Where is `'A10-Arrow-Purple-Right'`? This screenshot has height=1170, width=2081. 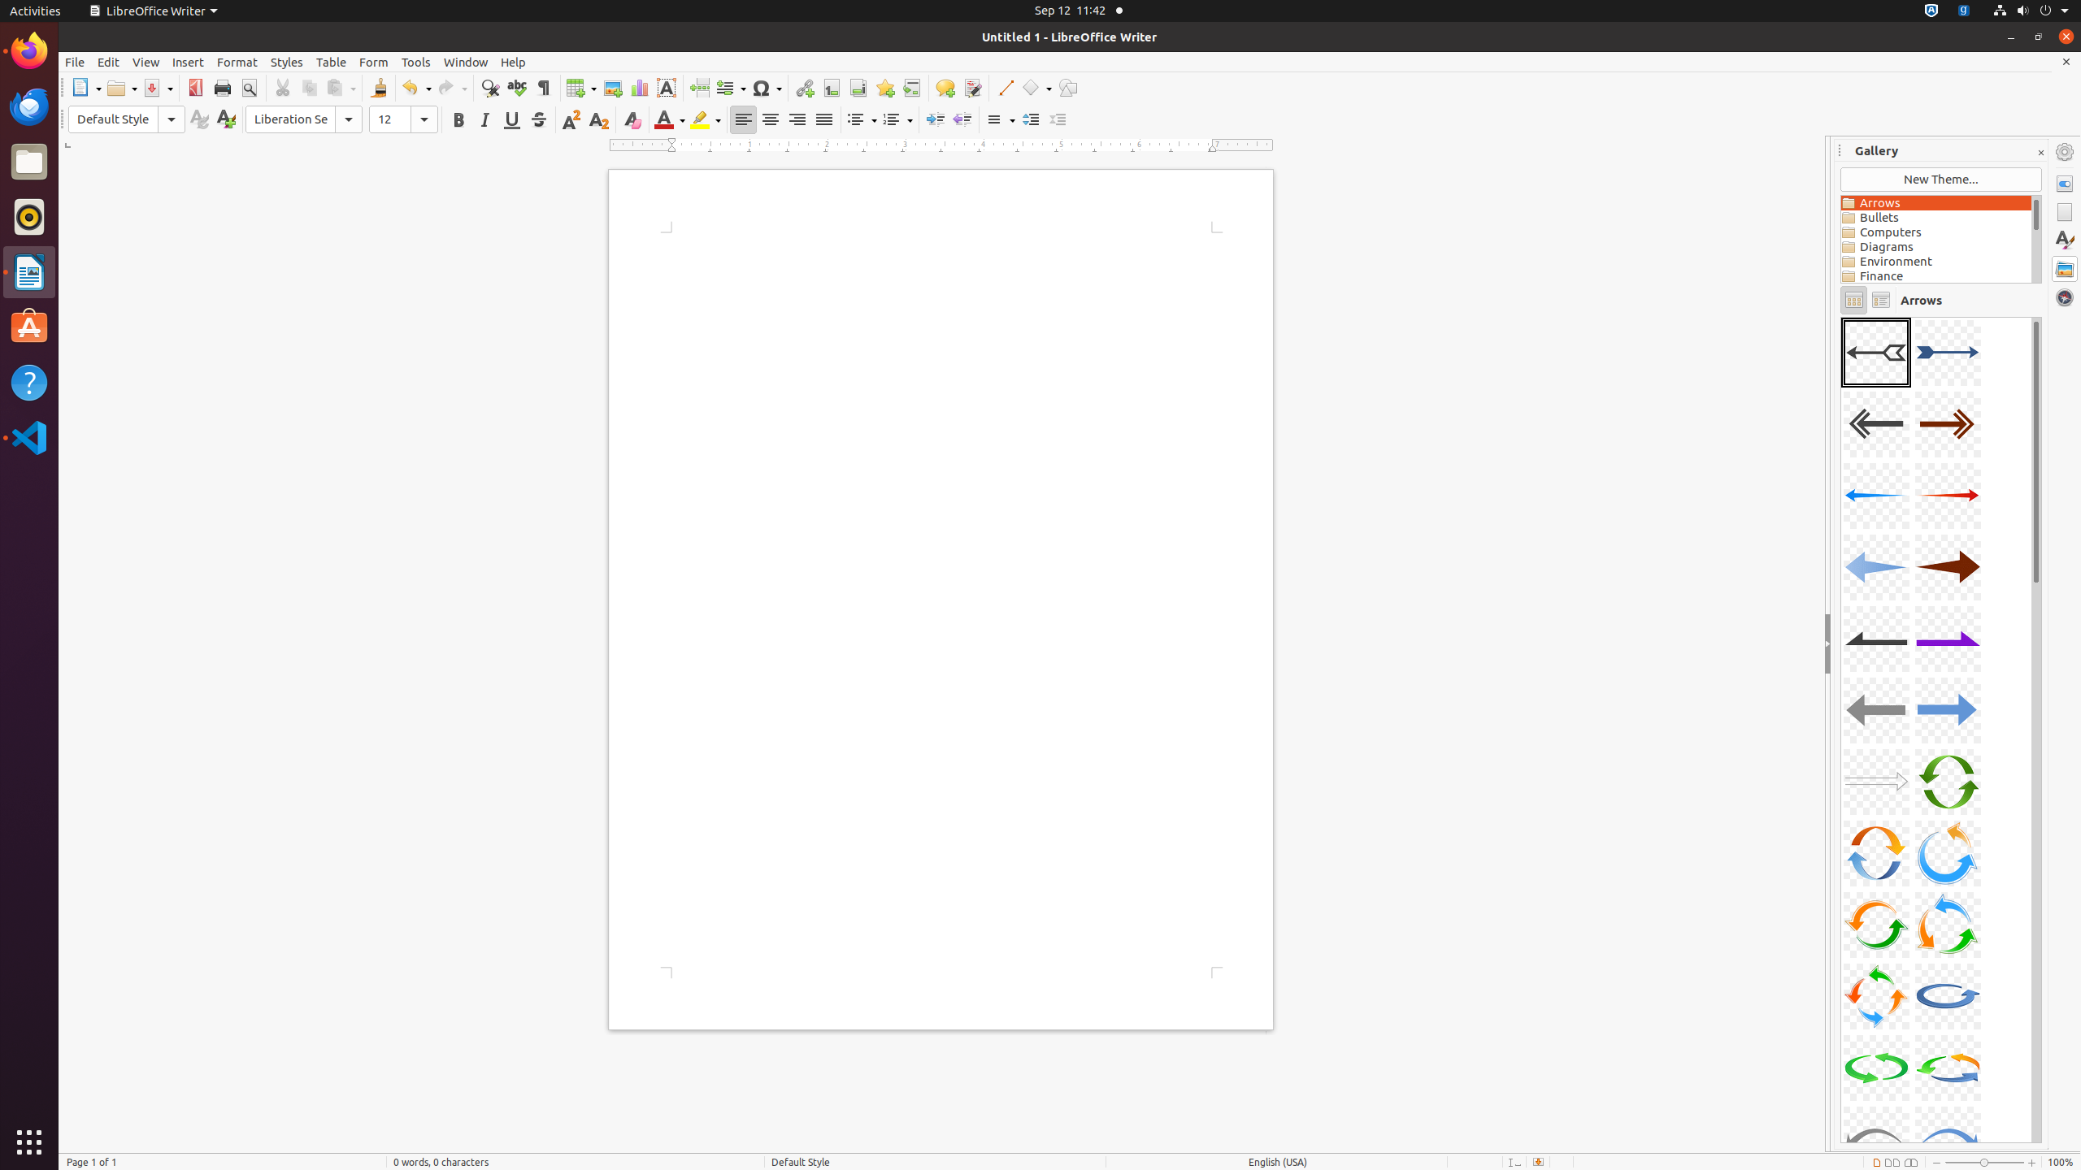 'A10-Arrow-Purple-Right' is located at coordinates (1946, 638).